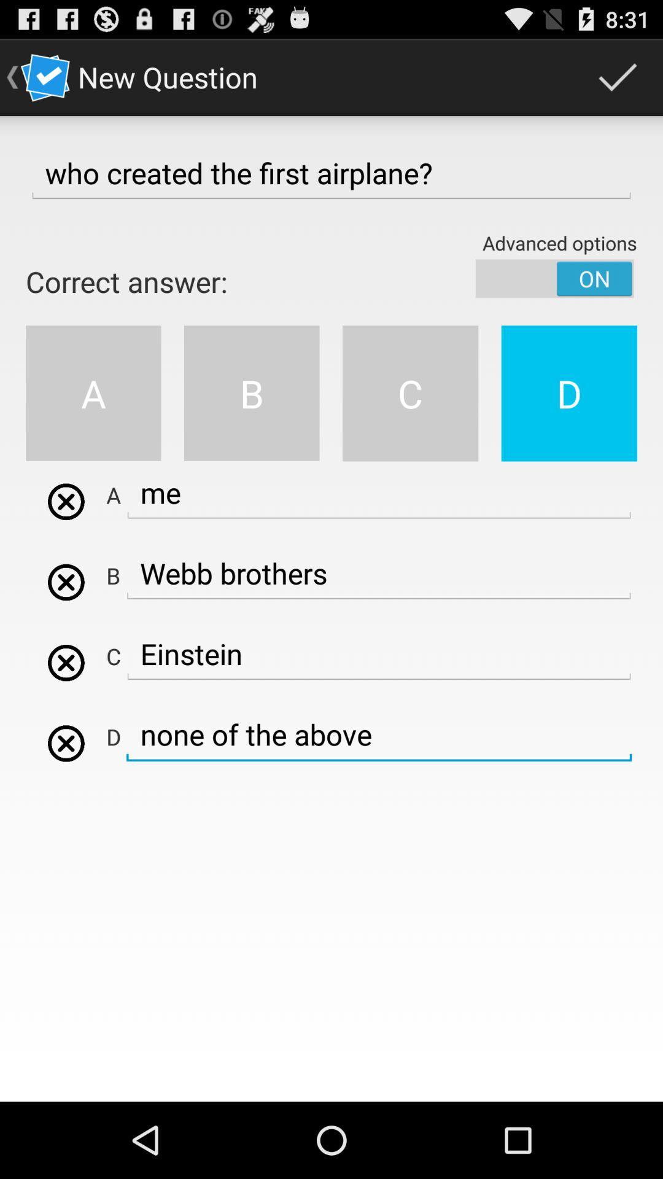 The width and height of the screenshot is (663, 1179). Describe the element at coordinates (66, 537) in the screenshot. I see `the close icon` at that location.